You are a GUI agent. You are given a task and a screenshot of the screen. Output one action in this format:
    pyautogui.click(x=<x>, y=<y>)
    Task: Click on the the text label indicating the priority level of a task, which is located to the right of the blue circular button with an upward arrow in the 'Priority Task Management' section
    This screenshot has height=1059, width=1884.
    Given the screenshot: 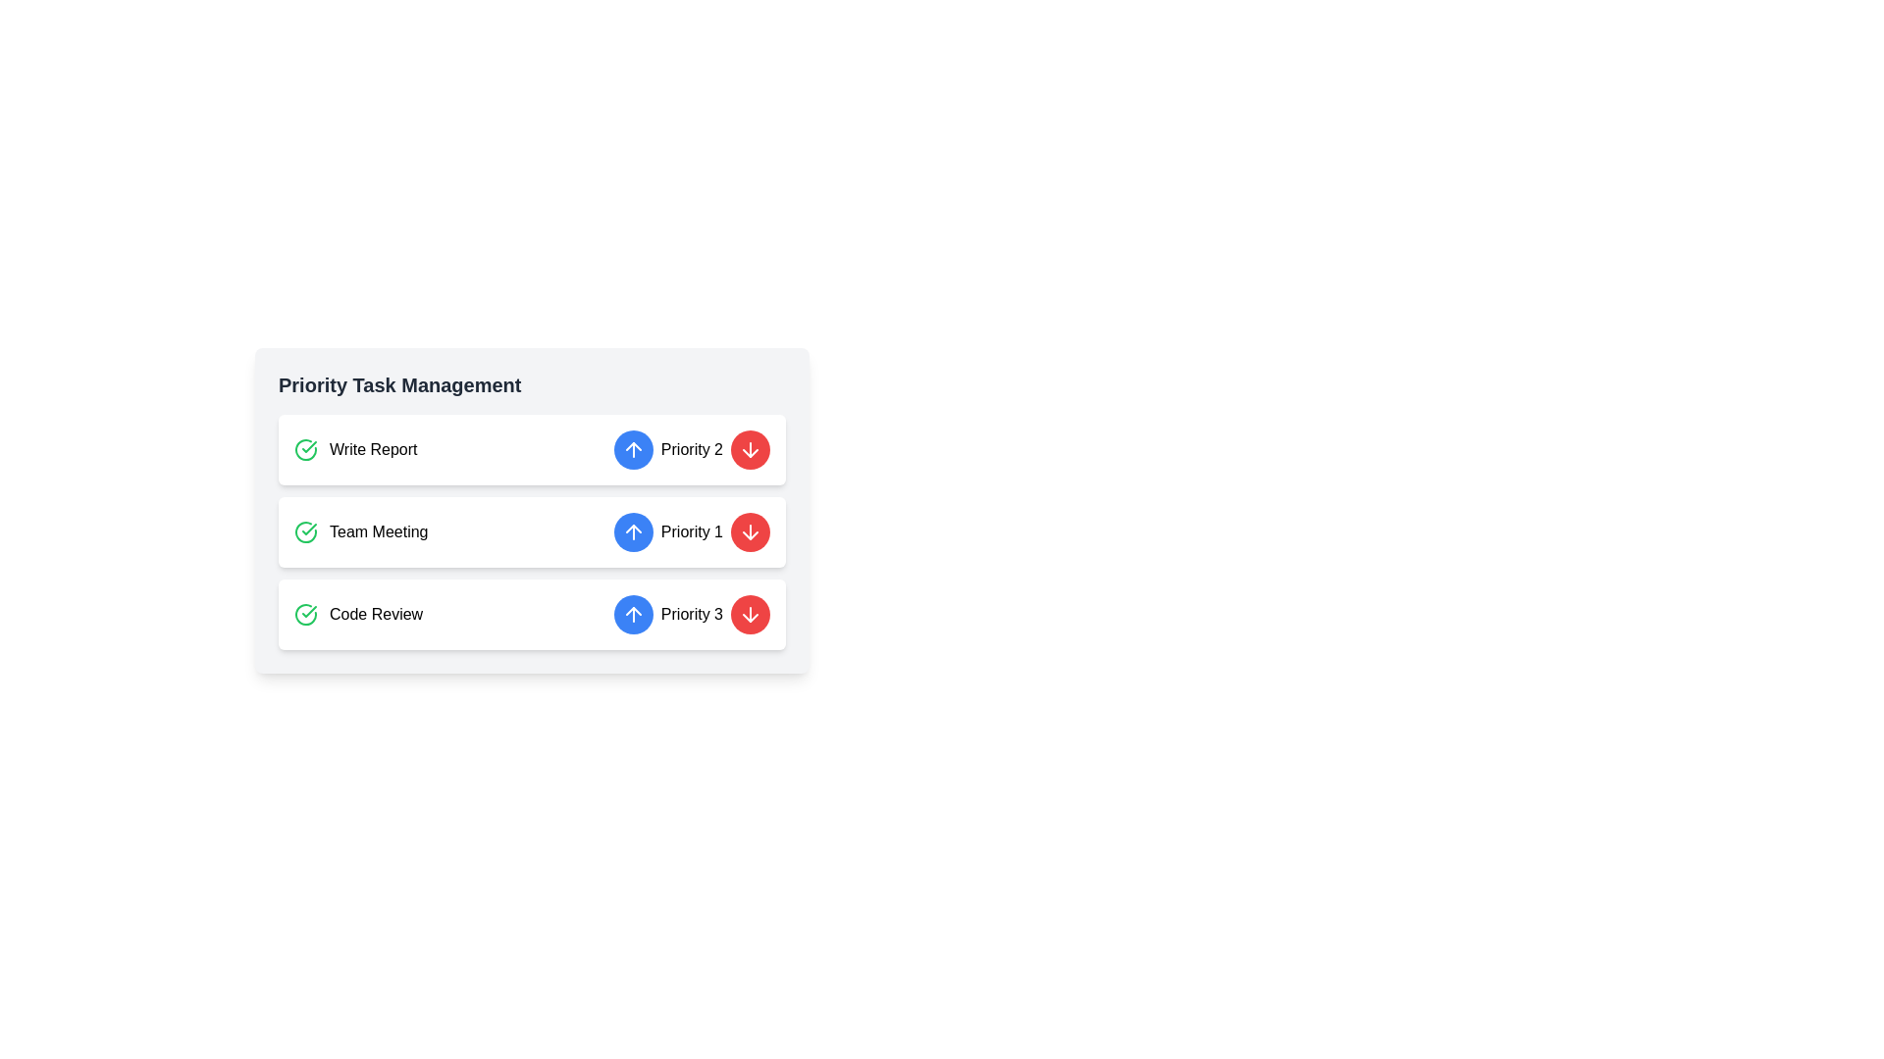 What is the action you would take?
    pyautogui.click(x=692, y=532)
    